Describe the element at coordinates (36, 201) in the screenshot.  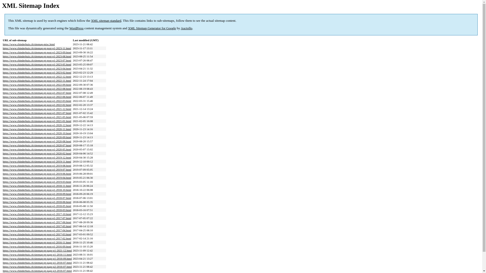
I see `'https://www.chinderhuis.ch/sitemap-pt-post-p1-2018-06.html'` at that location.